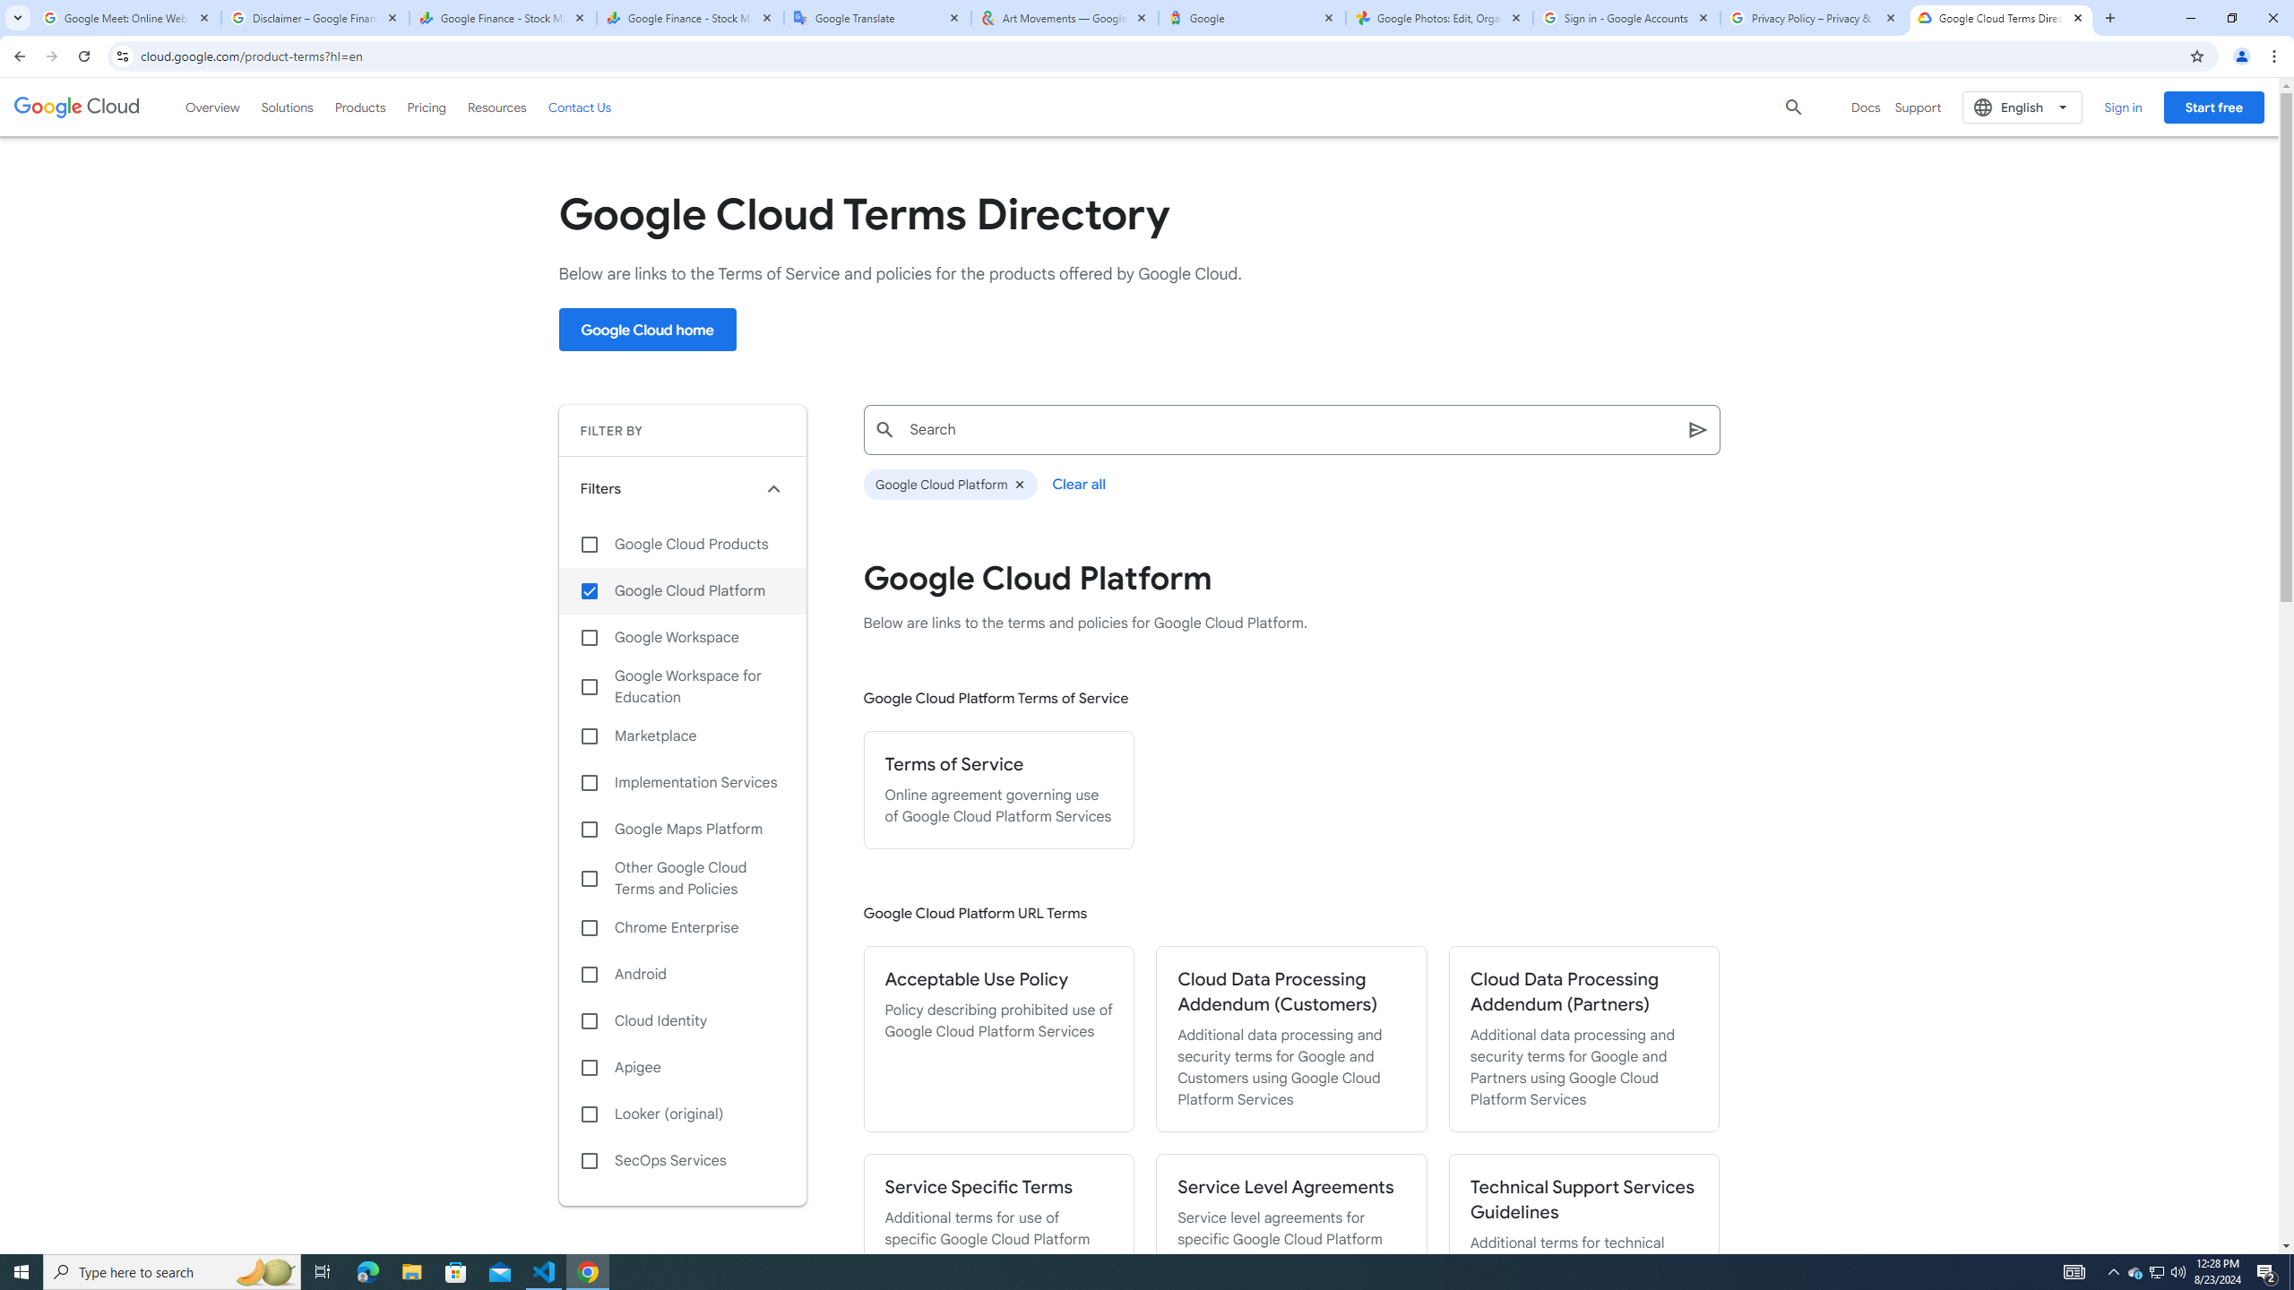  I want to click on 'Sign in - Google Accounts', so click(1626, 17).